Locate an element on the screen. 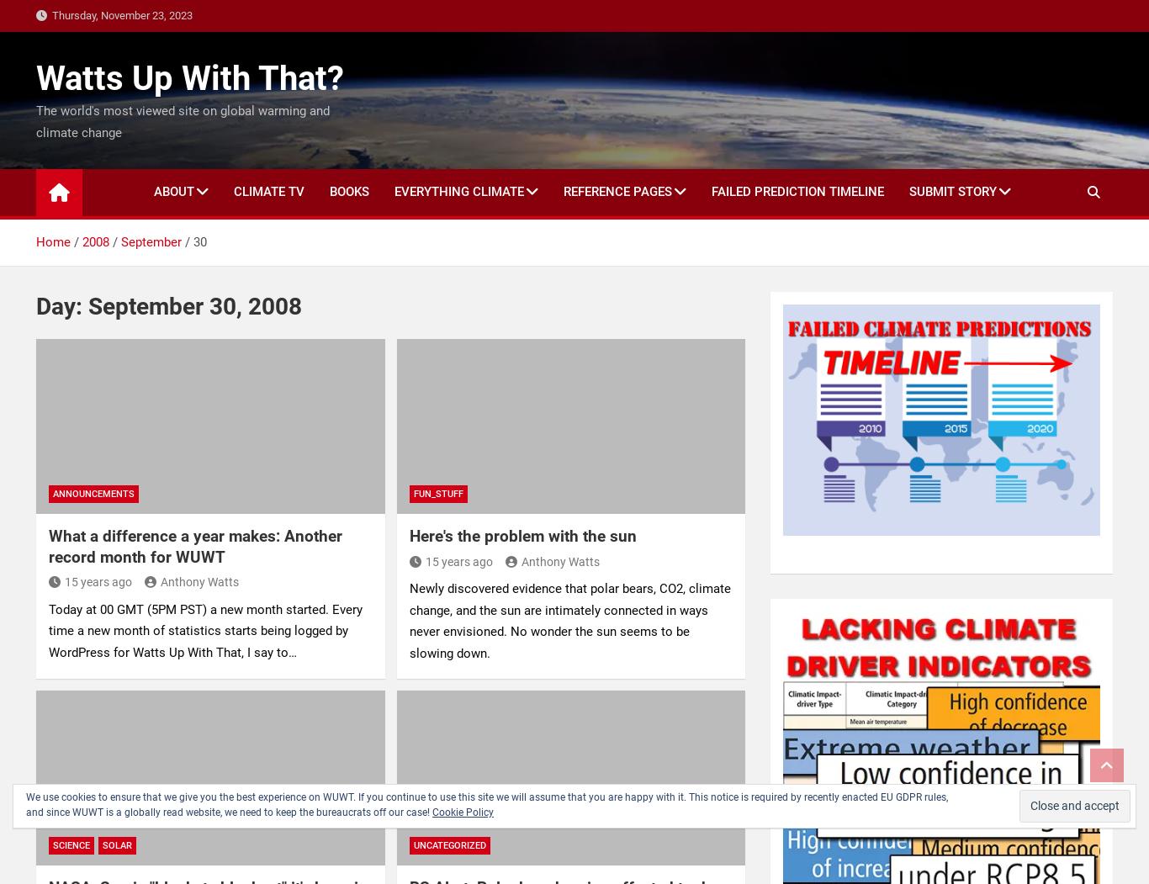 This screenshot has width=1149, height=884. '2008' is located at coordinates (96, 241).